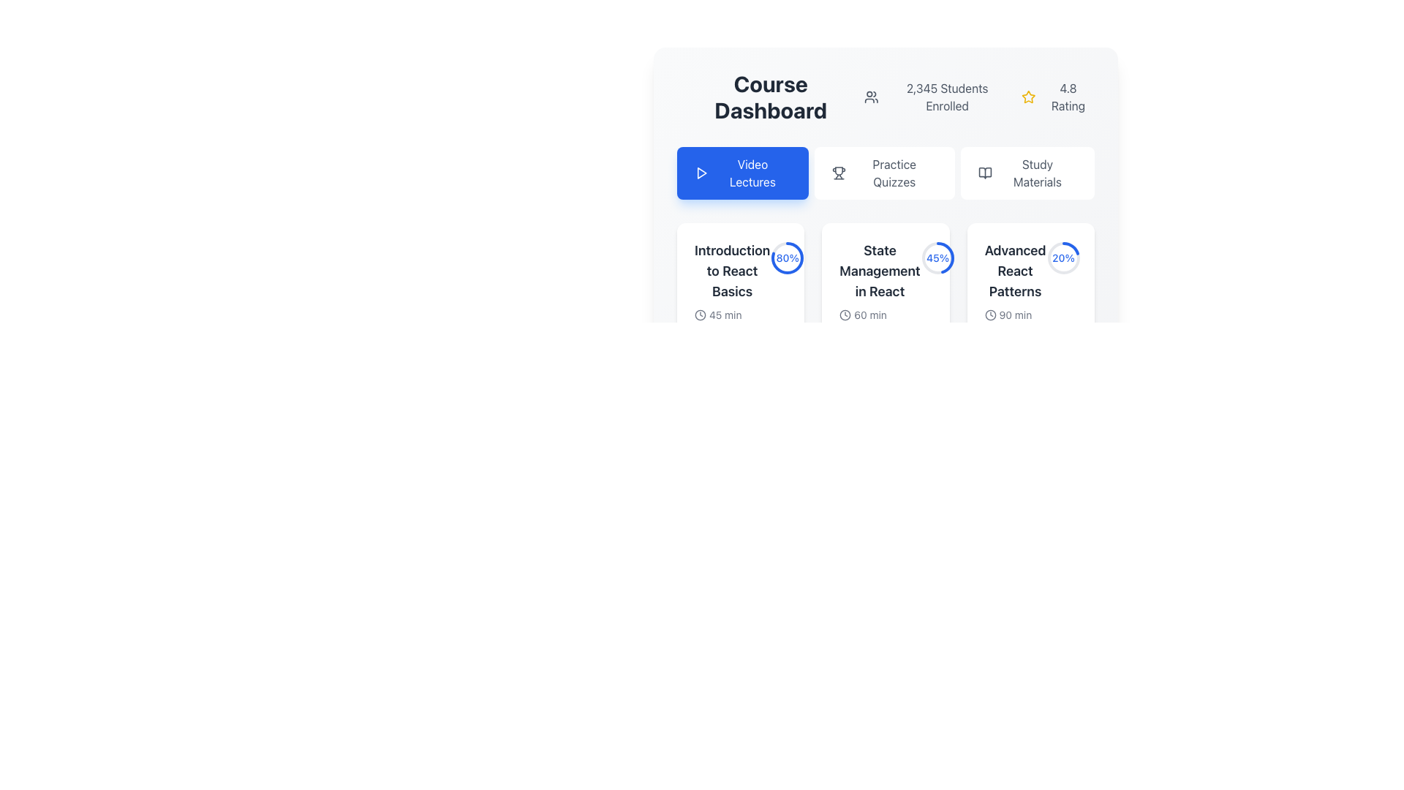  What do you see at coordinates (883, 172) in the screenshot?
I see `the 'Practice Quizzes' button located in the central top area of the page below the 'Course Dashboard' heading to change its background color` at bounding box center [883, 172].